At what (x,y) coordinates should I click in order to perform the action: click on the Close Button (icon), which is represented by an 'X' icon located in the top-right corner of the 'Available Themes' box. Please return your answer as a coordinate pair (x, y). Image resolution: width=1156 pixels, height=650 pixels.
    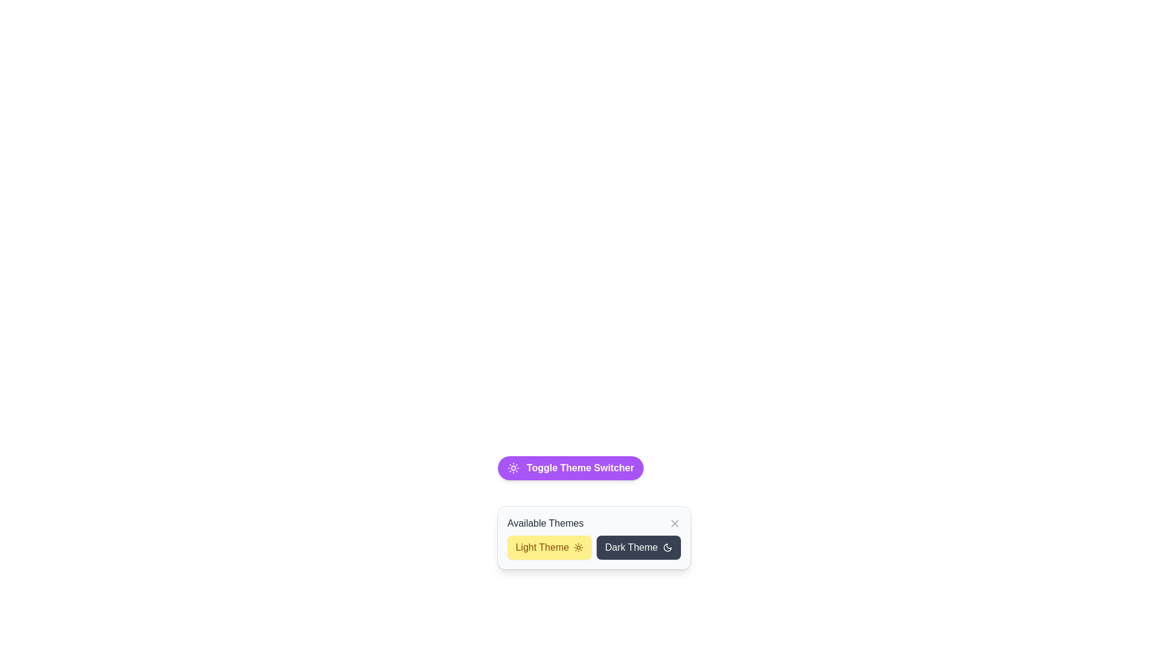
    Looking at the image, I should click on (674, 523).